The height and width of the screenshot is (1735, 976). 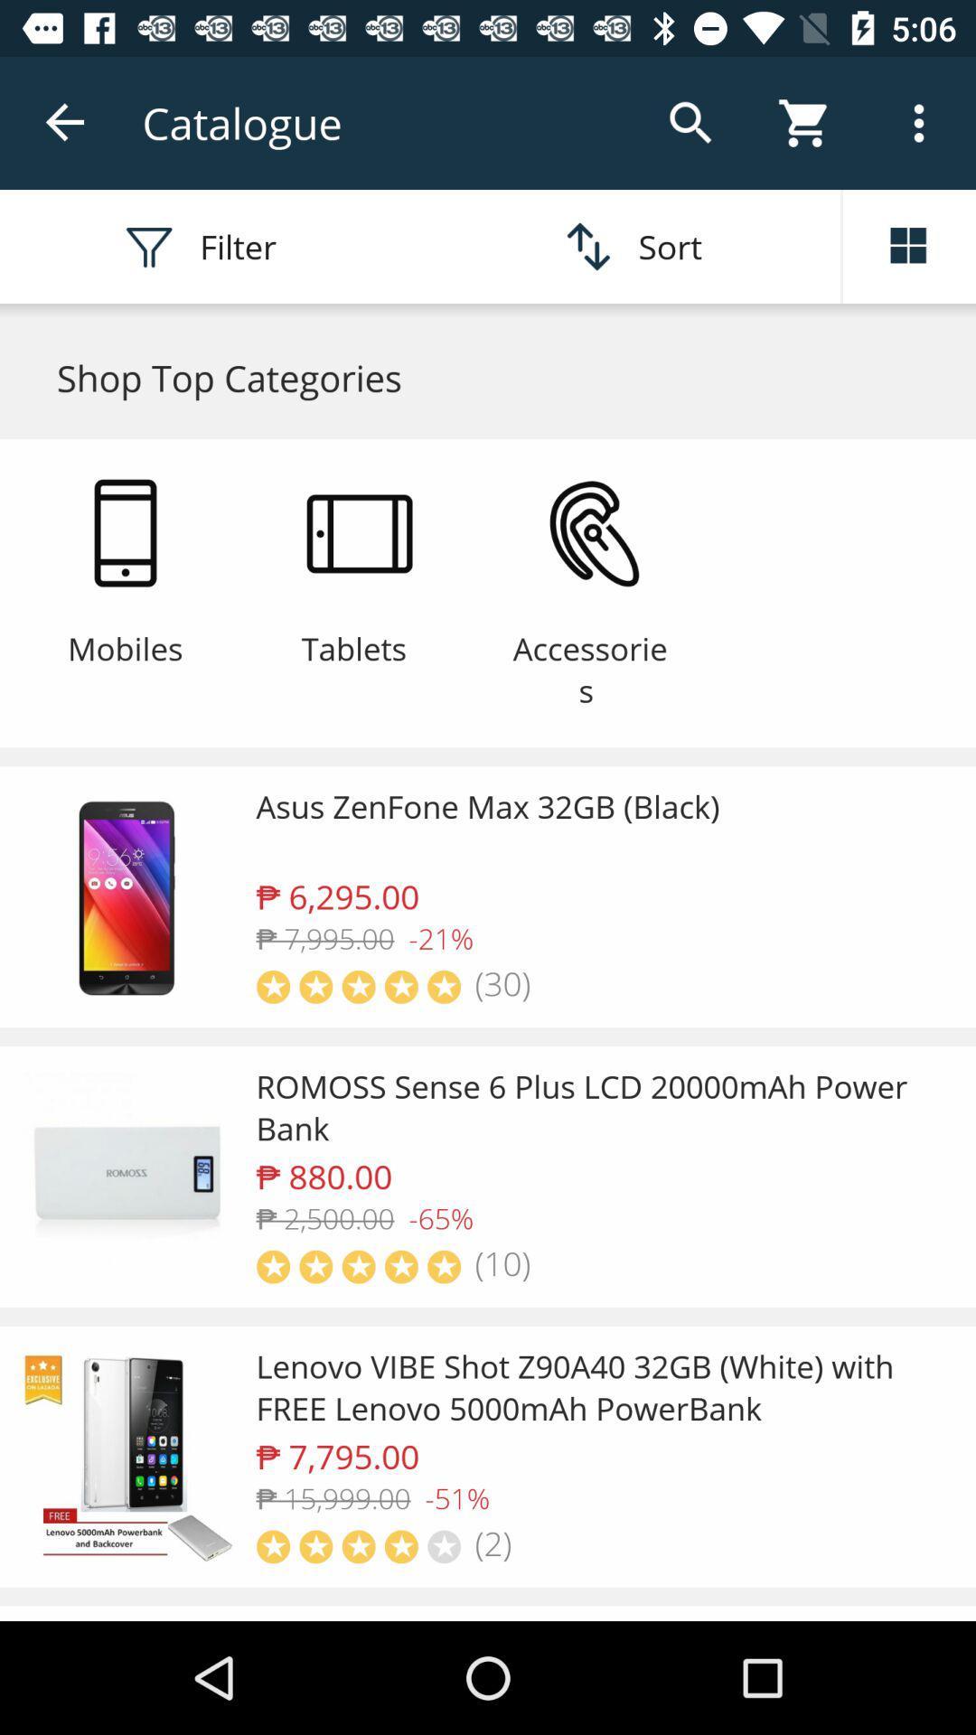 I want to click on the item above the filter item, so click(x=65, y=122).